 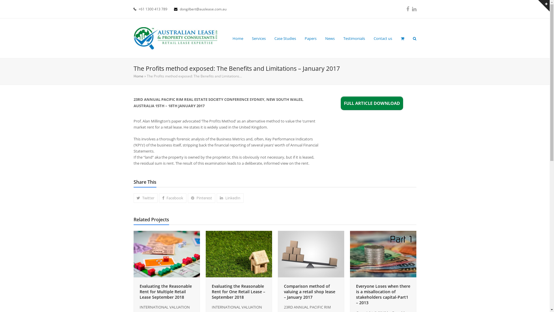 I want to click on 'Contact us', so click(x=383, y=38).